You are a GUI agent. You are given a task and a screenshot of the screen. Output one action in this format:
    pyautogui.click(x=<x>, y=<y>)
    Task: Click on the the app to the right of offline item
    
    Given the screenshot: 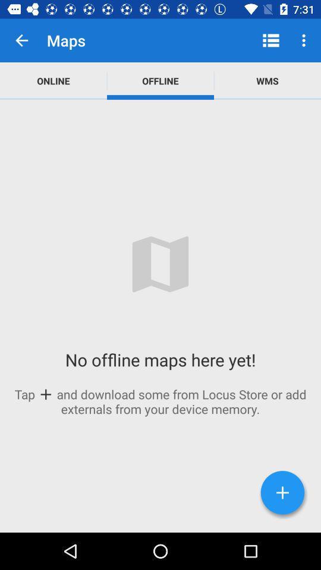 What is the action you would take?
    pyautogui.click(x=270, y=40)
    